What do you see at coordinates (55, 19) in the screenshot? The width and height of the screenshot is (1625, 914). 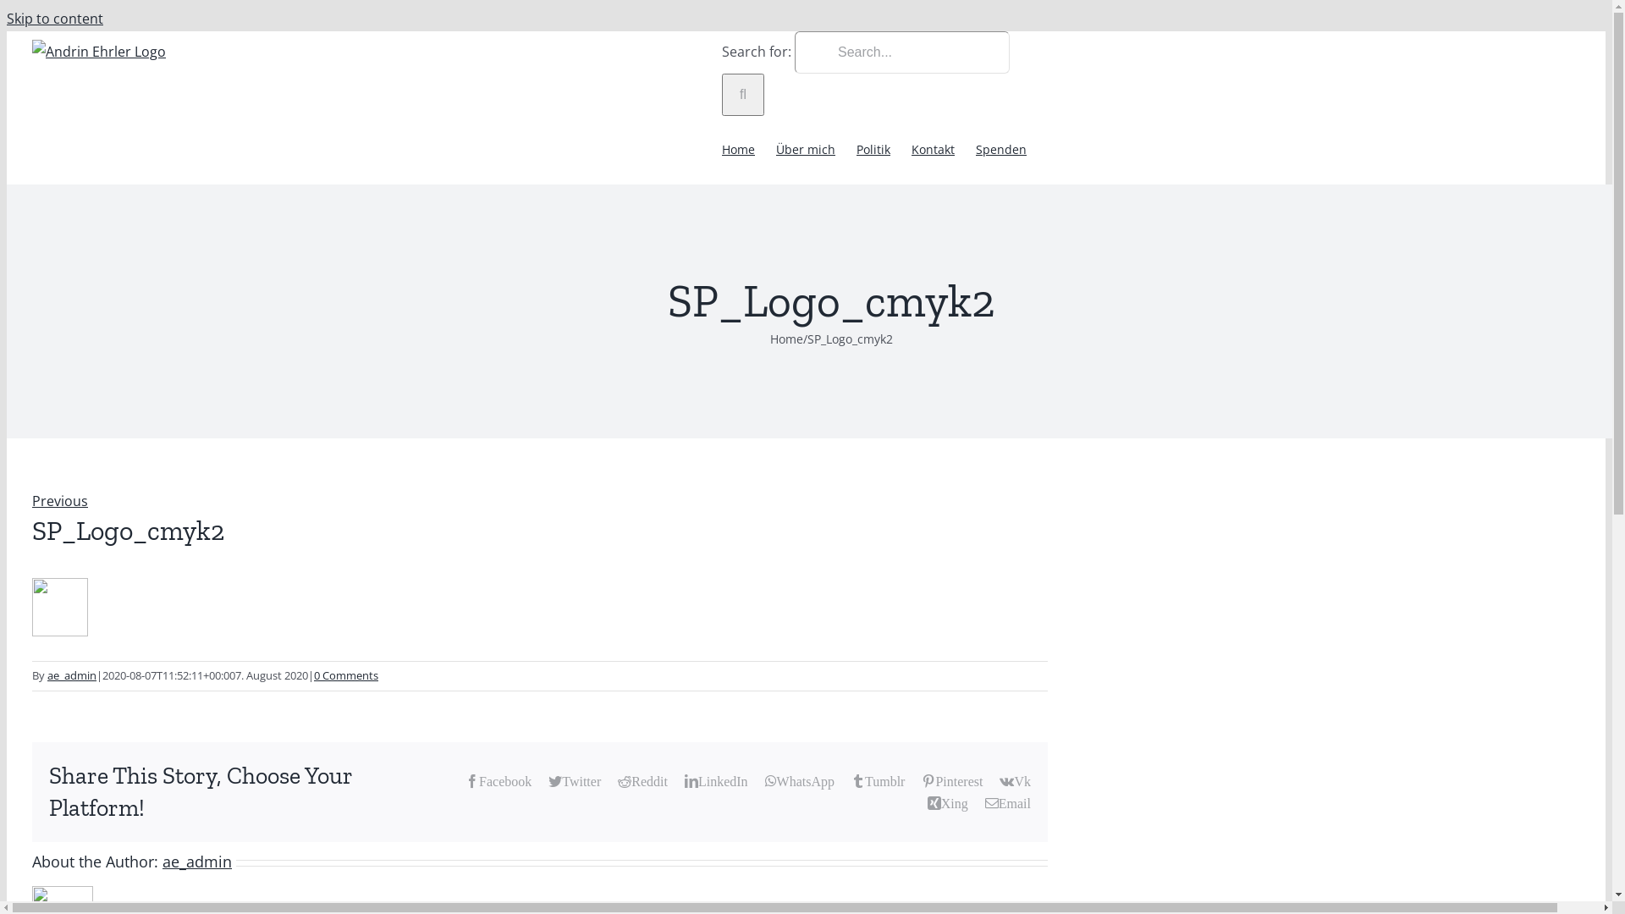 I see `'Skip to content'` at bounding box center [55, 19].